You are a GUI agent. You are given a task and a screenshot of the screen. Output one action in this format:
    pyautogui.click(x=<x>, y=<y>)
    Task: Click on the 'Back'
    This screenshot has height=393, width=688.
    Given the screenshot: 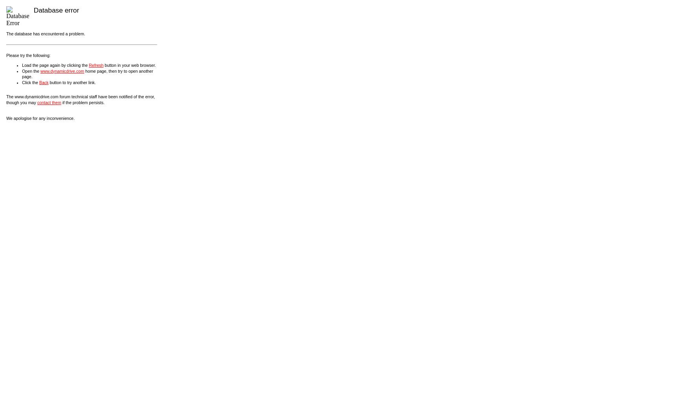 What is the action you would take?
    pyautogui.click(x=43, y=82)
    